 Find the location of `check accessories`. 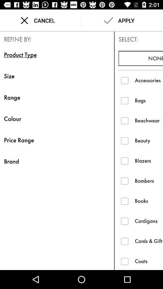

check accessories is located at coordinates (124, 80).